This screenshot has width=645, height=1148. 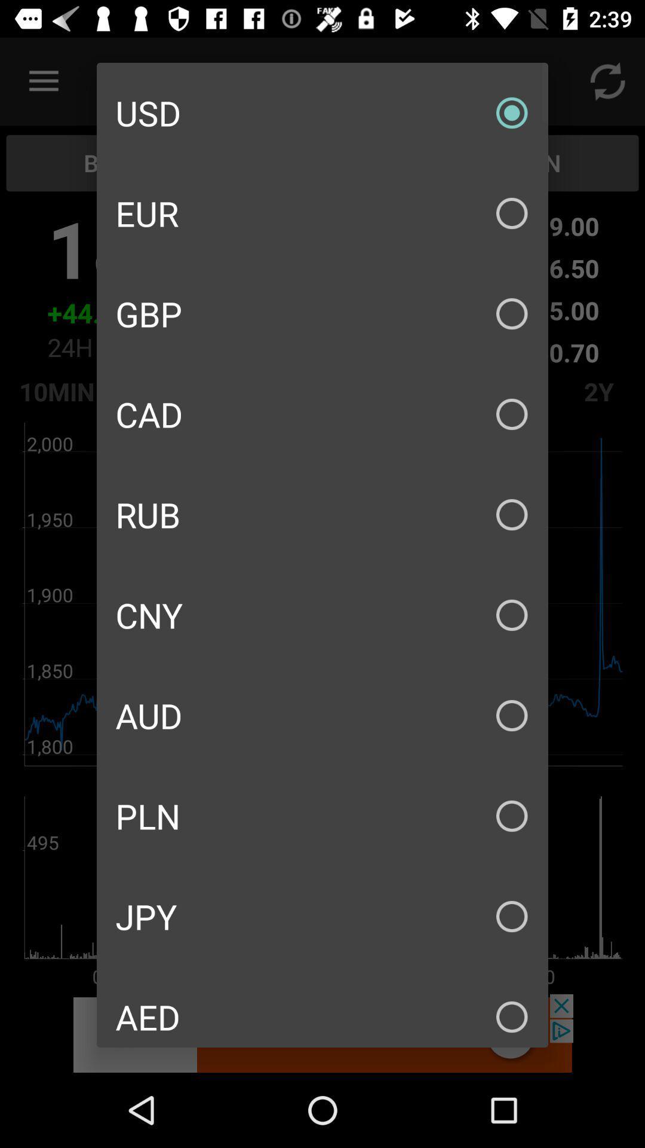 What do you see at coordinates (322, 514) in the screenshot?
I see `the rub item` at bounding box center [322, 514].